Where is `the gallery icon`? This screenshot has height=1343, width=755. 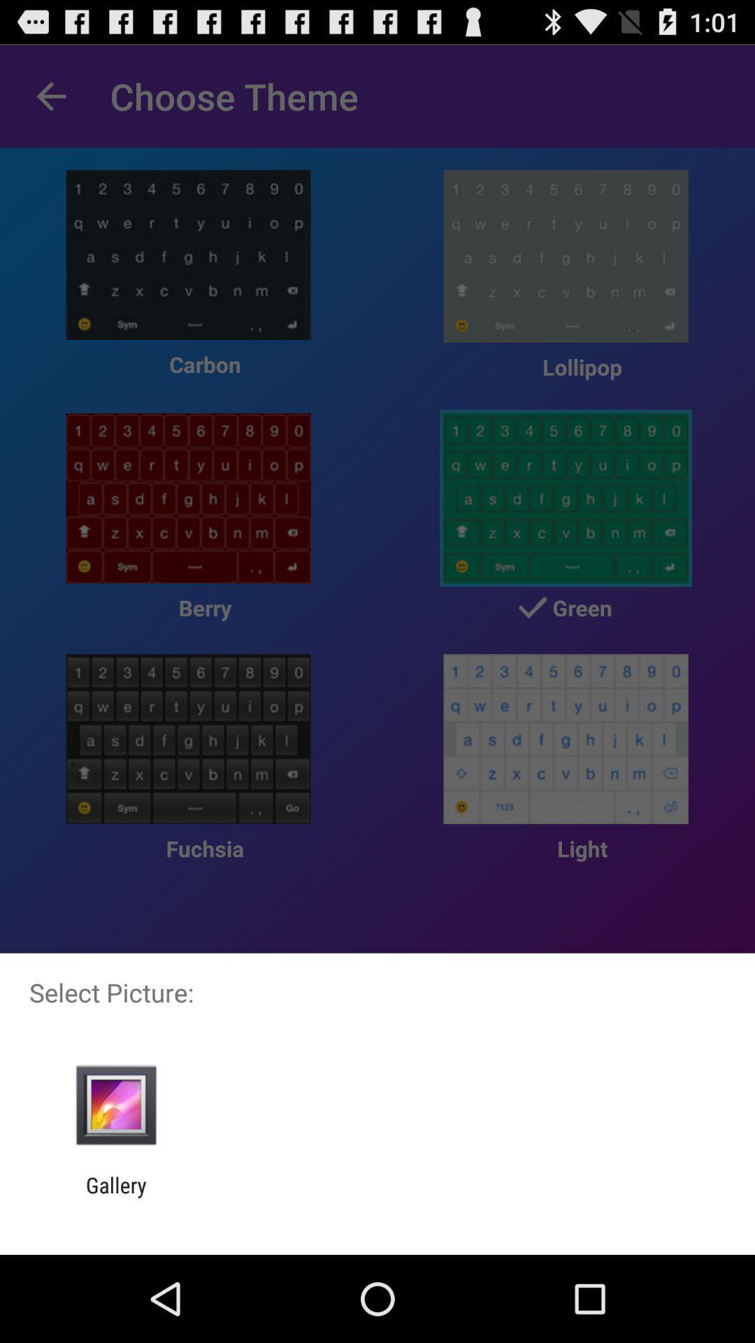
the gallery icon is located at coordinates (115, 1197).